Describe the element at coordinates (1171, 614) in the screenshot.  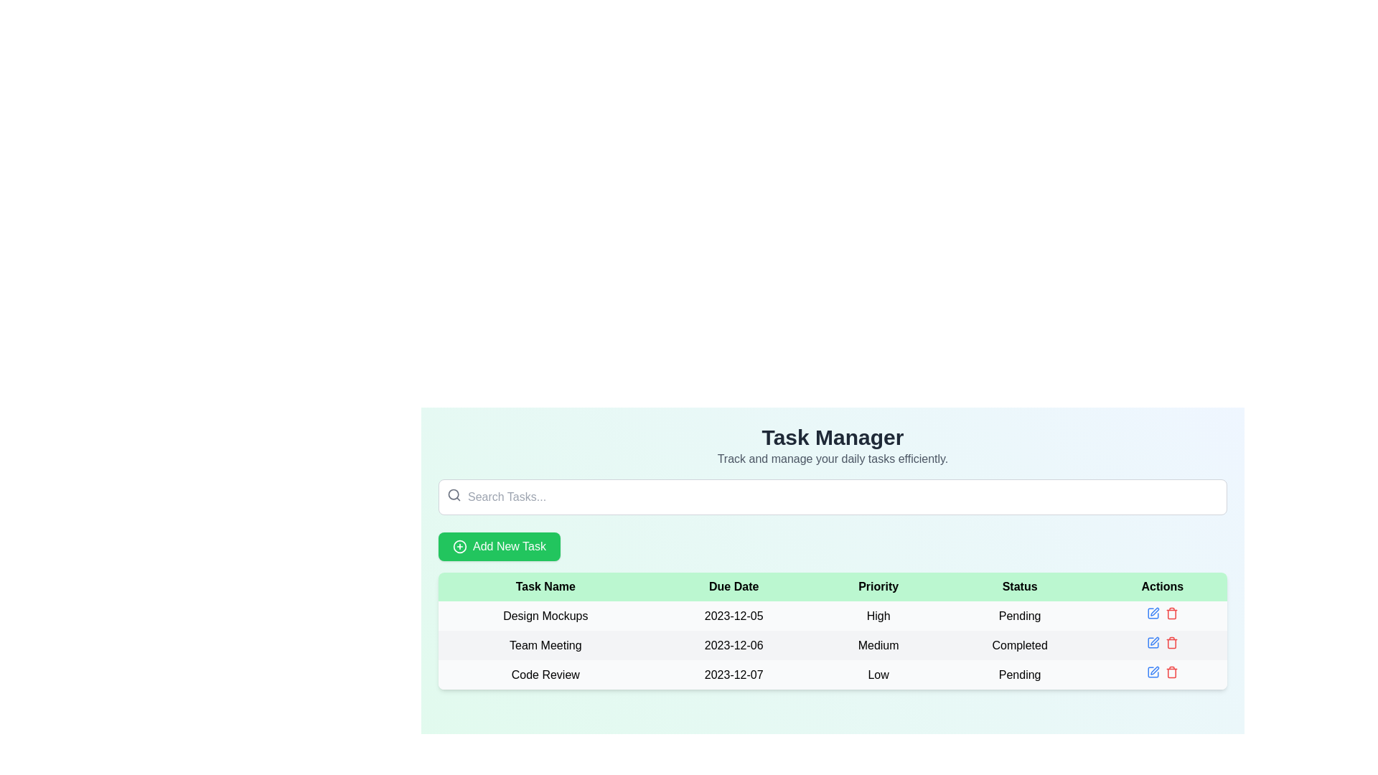
I see `the trash can icon representing the delete action for the 'Code Review' task in the third row of the table` at that location.